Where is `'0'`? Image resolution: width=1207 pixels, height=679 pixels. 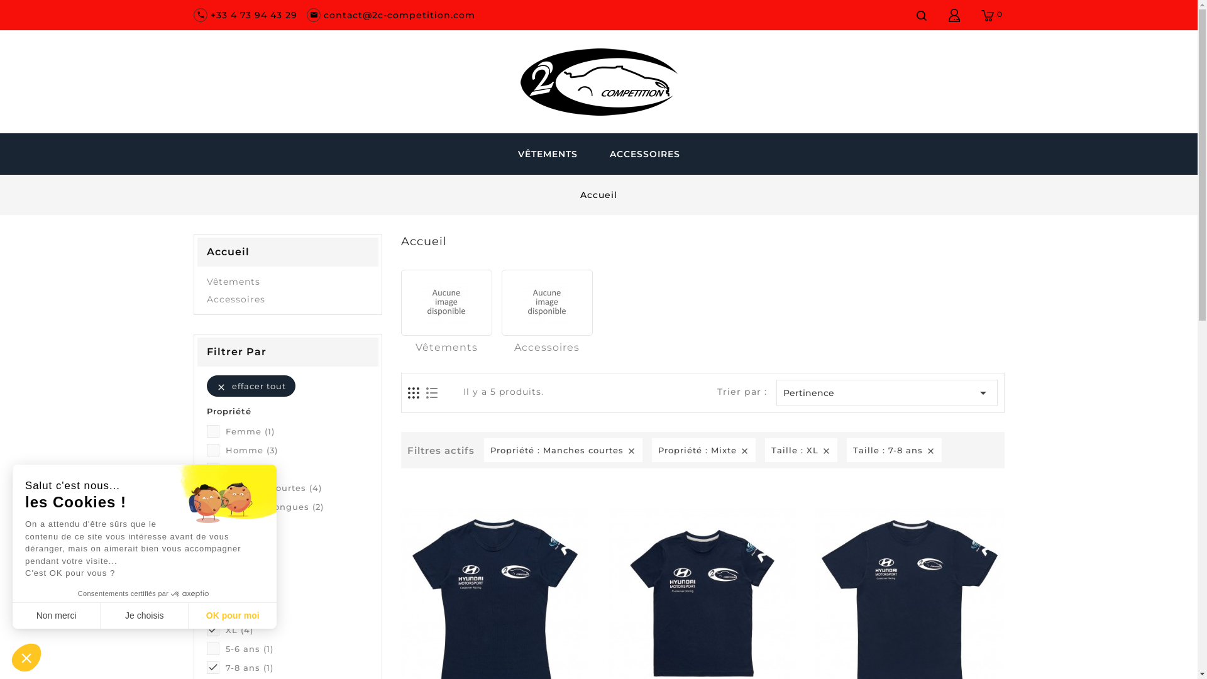
'0' is located at coordinates (988, 14).